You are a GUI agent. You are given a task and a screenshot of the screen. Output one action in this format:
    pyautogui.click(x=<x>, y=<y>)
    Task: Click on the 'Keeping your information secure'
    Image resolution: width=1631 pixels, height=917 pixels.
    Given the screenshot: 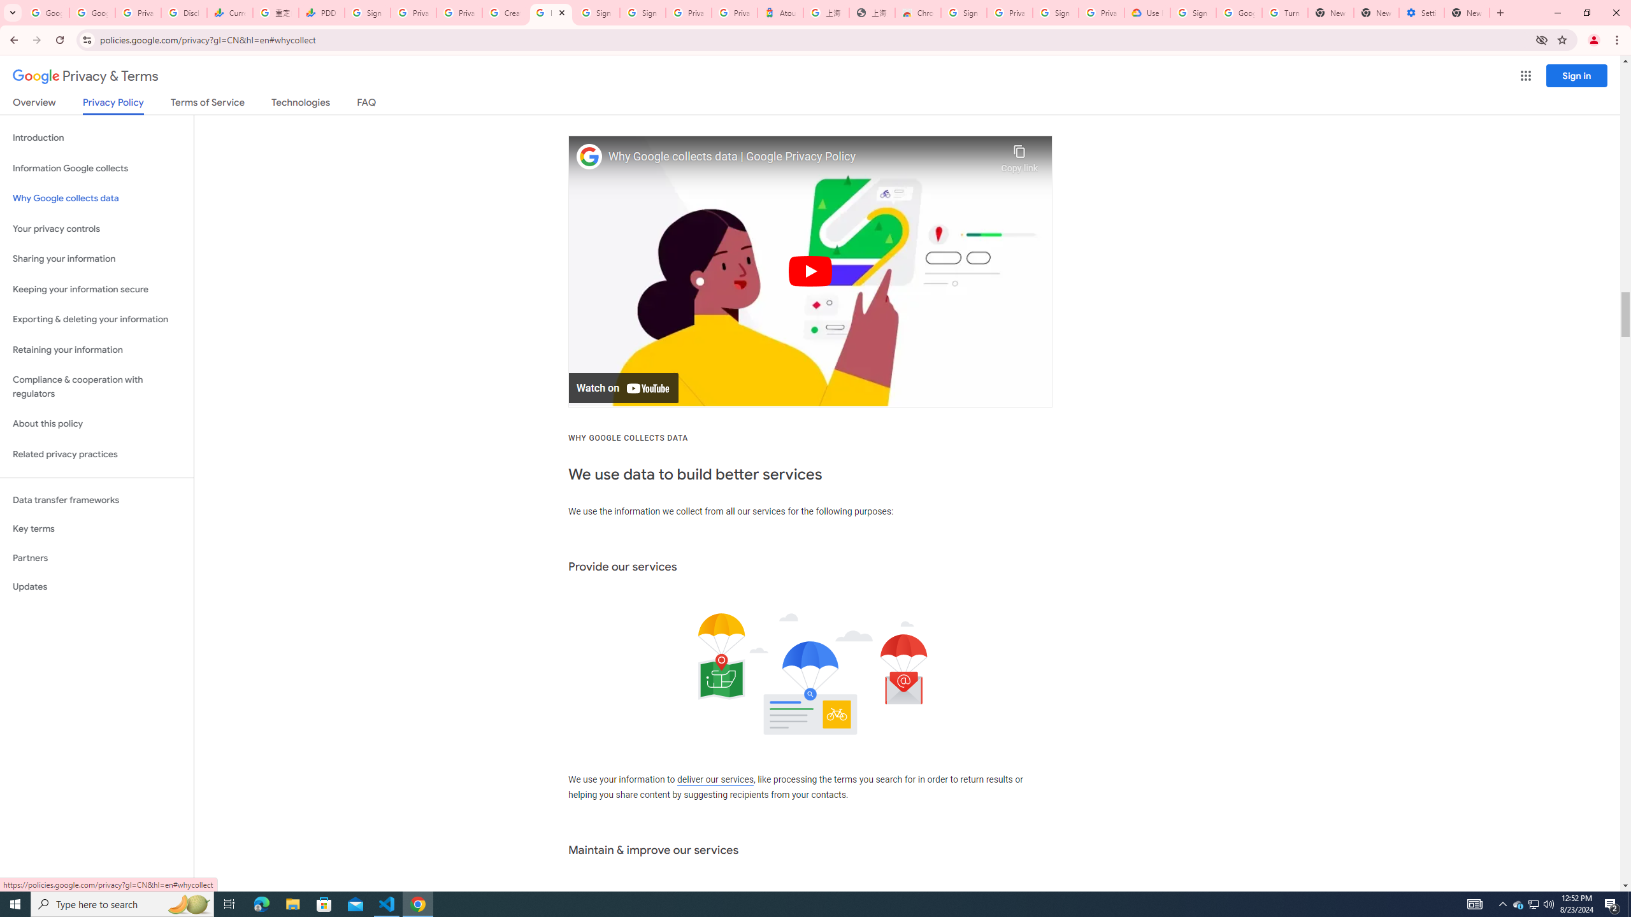 What is the action you would take?
    pyautogui.click(x=96, y=290)
    